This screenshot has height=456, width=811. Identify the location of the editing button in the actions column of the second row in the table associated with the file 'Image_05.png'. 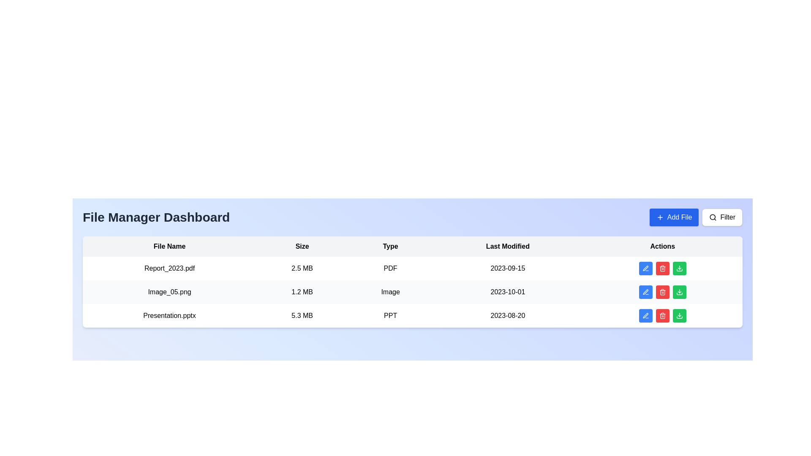
(645, 291).